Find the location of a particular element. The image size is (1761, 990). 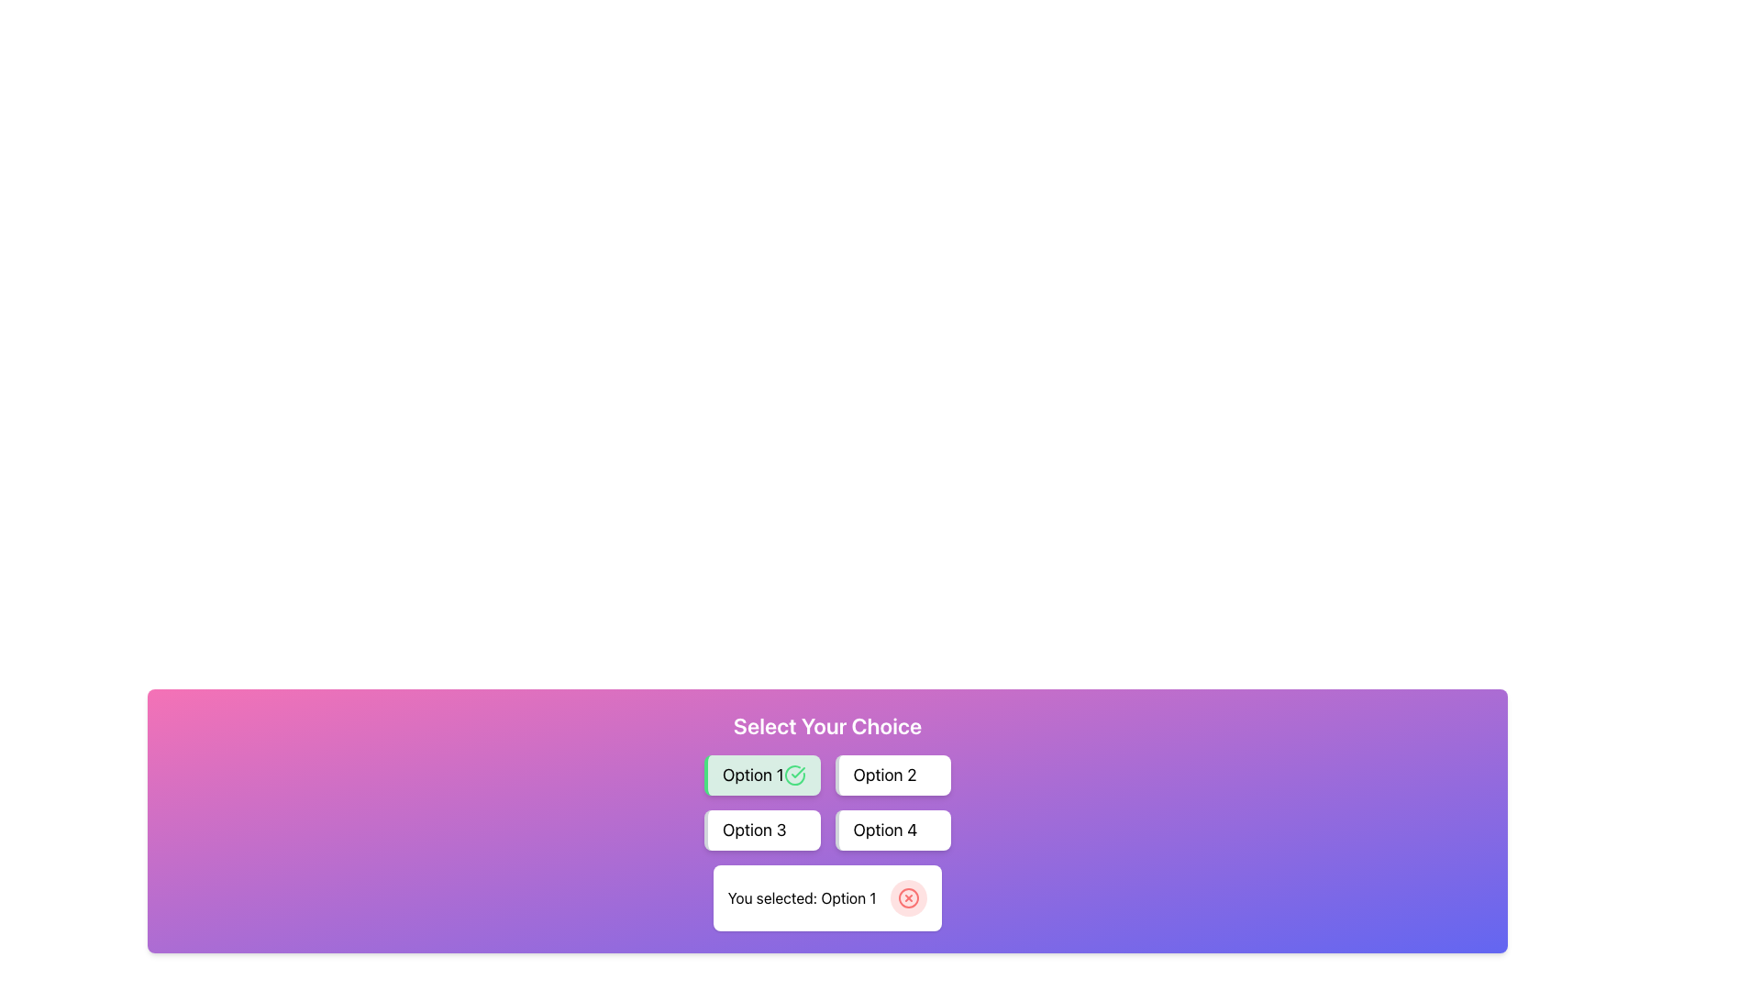

the text label displaying 'Select Your Choice', which is prominently positioned at the top of the gradient background section is located at coordinates (826, 724).